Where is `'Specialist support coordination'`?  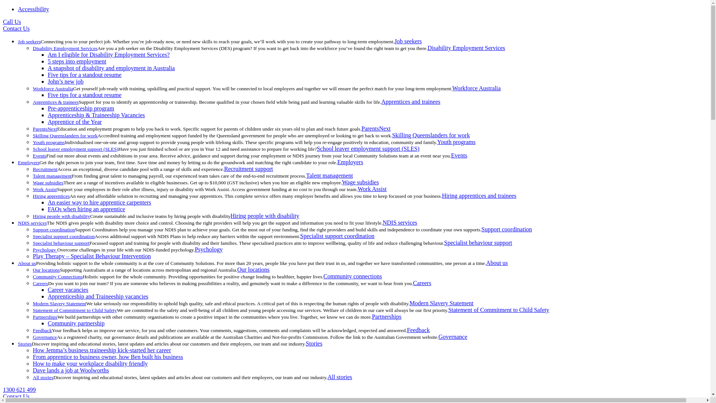
'Specialist support coordination' is located at coordinates (337, 236).